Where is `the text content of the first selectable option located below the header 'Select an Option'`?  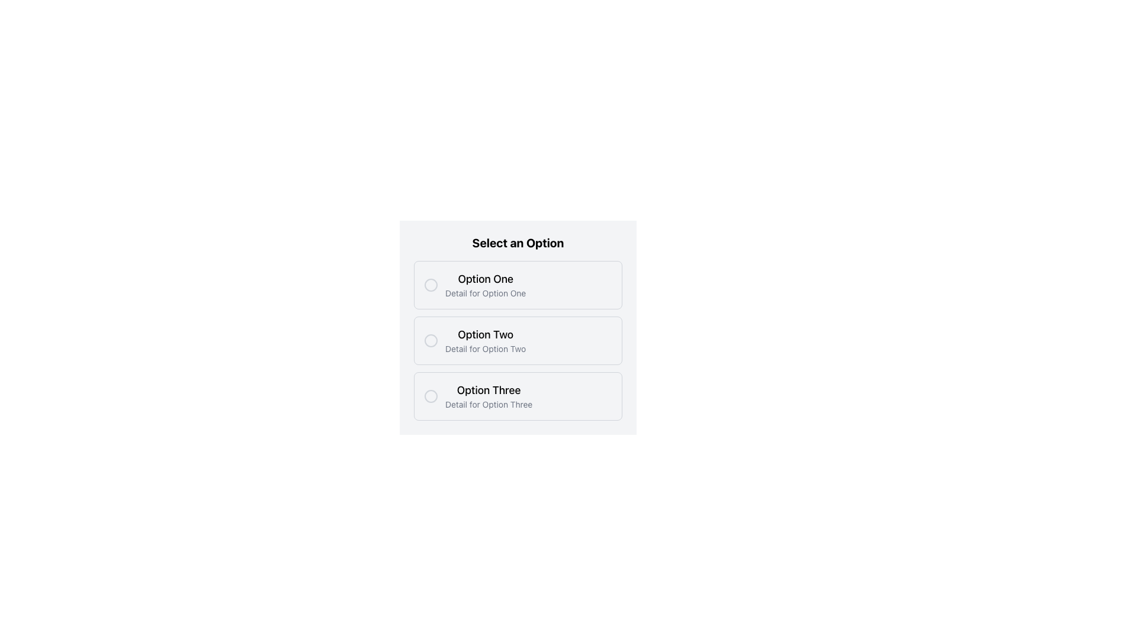 the text content of the first selectable option located below the header 'Select an Option' is located at coordinates (486, 285).